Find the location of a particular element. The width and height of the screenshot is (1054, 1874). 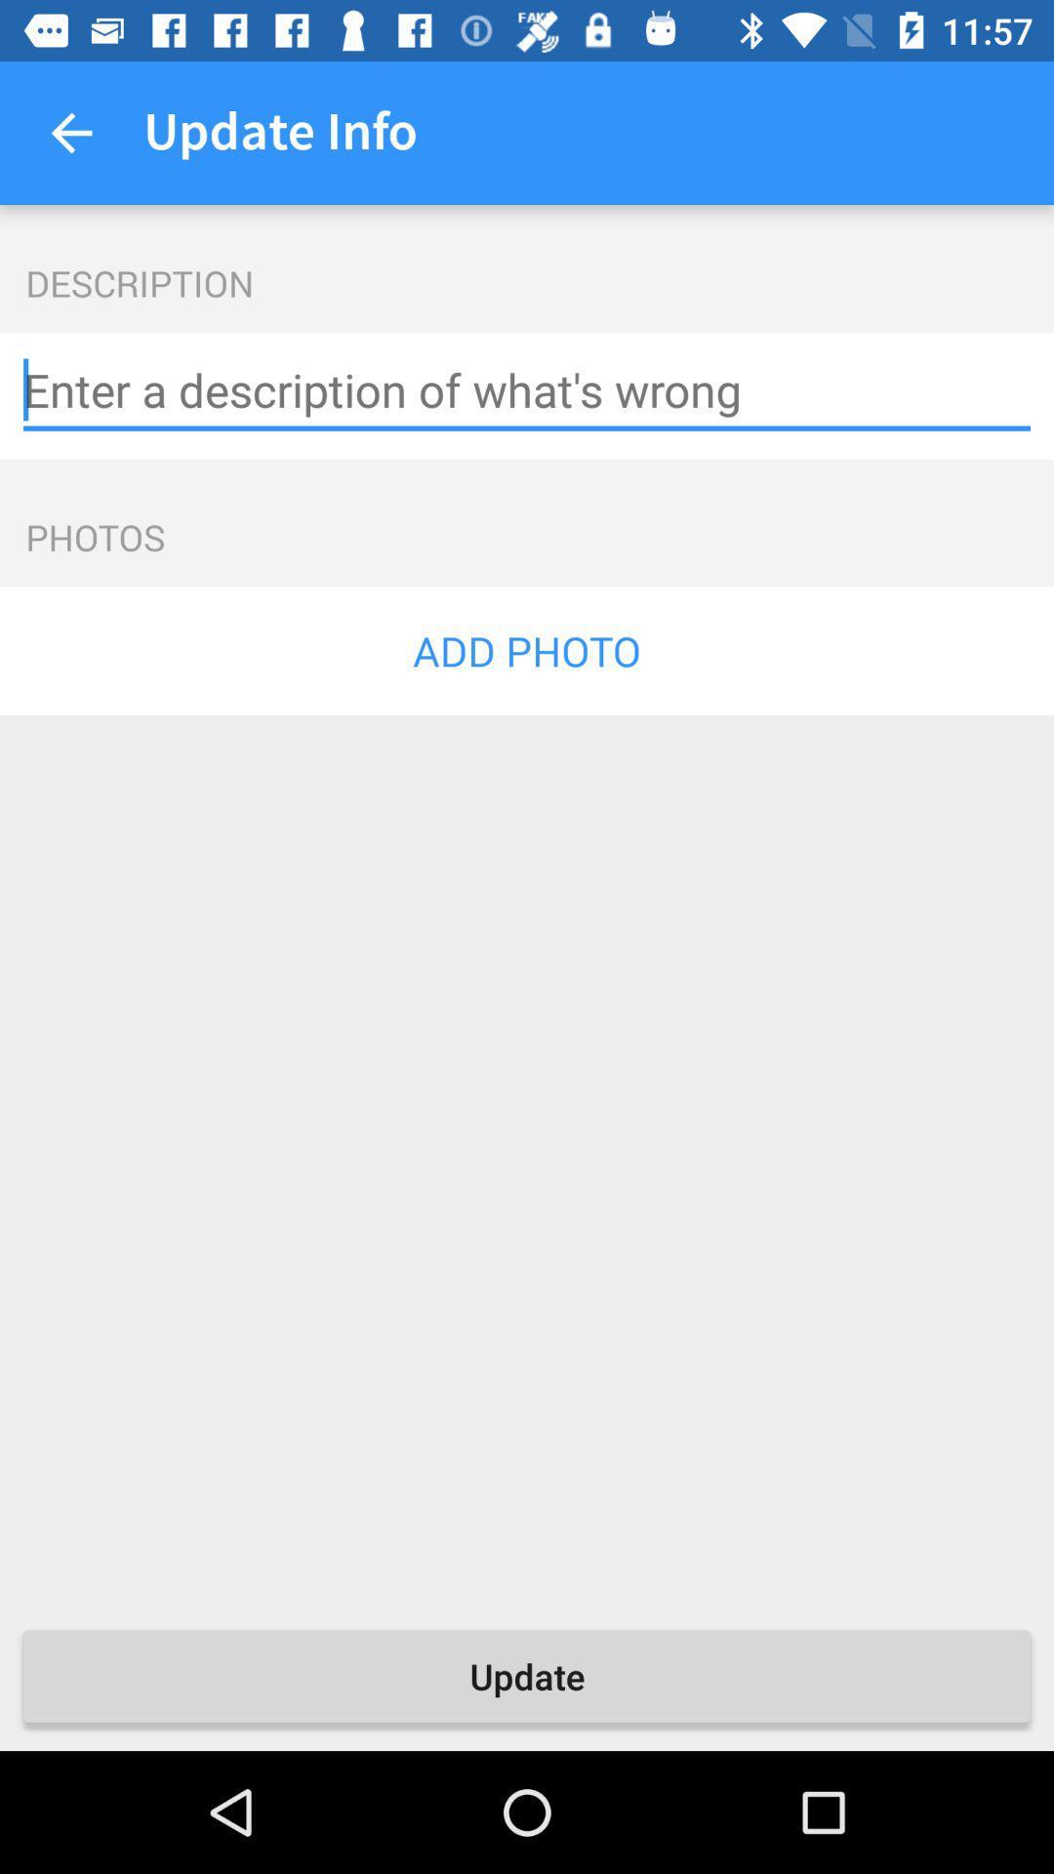

the item below photos icon is located at coordinates (527, 651).